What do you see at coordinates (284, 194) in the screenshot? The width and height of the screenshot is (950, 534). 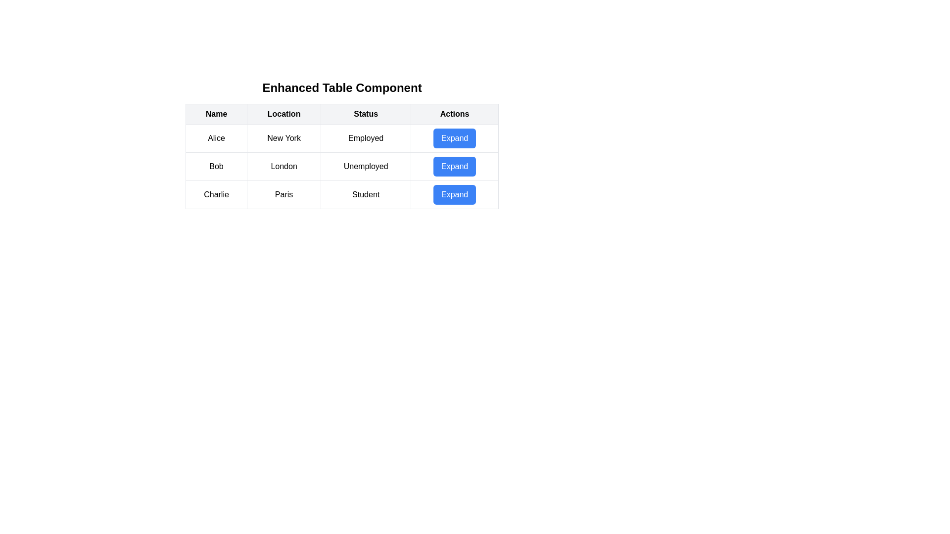 I see `the text label displaying 'Paris' in the second column of the row for 'Charlie' within the table` at bounding box center [284, 194].